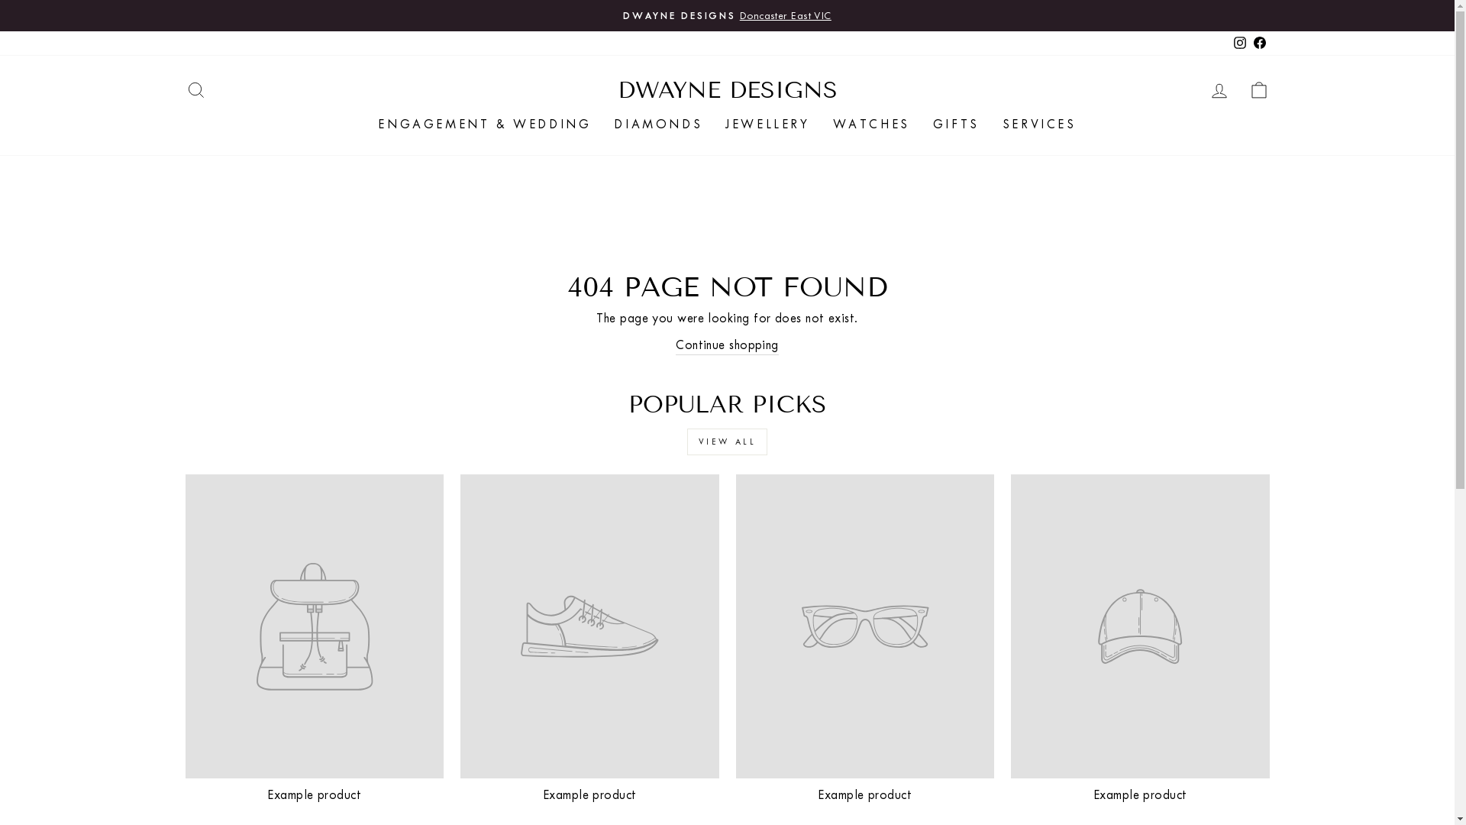 This screenshot has width=1466, height=825. What do you see at coordinates (727, 442) in the screenshot?
I see `'VIEW ALL'` at bounding box center [727, 442].